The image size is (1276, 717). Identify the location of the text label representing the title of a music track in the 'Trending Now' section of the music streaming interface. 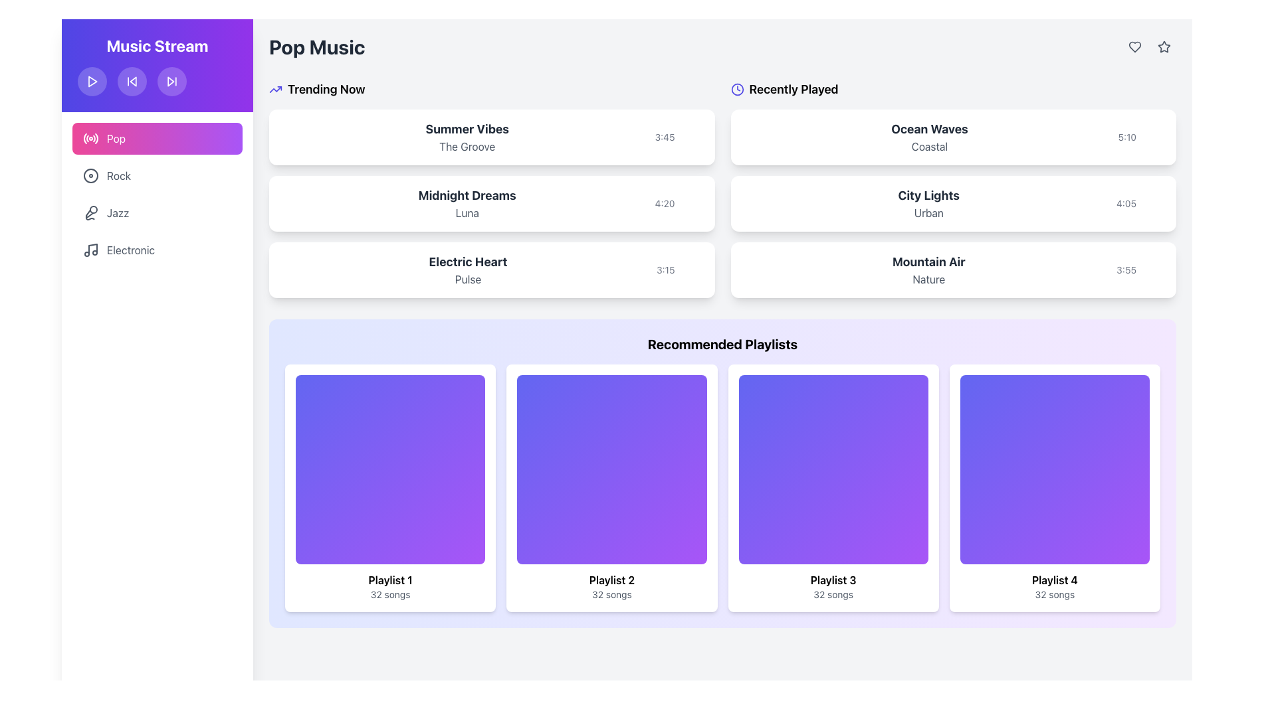
(467, 195).